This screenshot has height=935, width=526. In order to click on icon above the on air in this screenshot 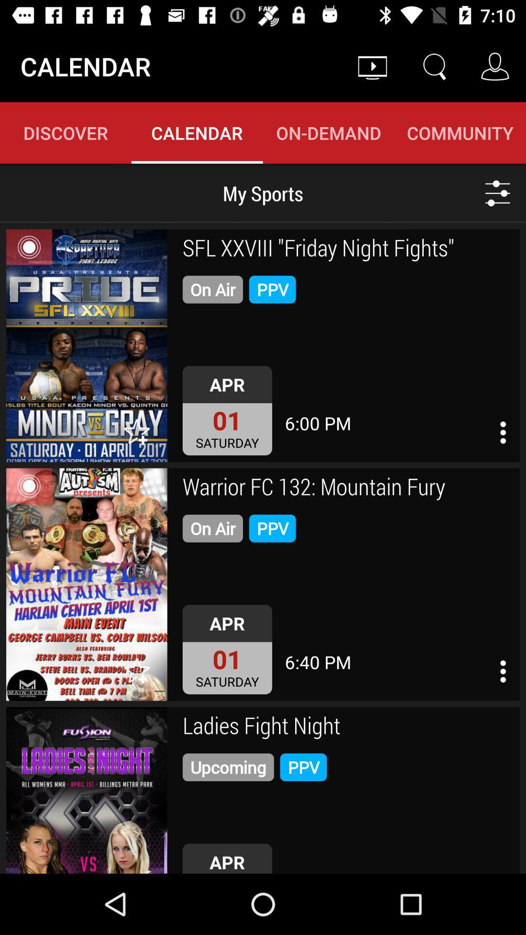, I will do `click(347, 488)`.